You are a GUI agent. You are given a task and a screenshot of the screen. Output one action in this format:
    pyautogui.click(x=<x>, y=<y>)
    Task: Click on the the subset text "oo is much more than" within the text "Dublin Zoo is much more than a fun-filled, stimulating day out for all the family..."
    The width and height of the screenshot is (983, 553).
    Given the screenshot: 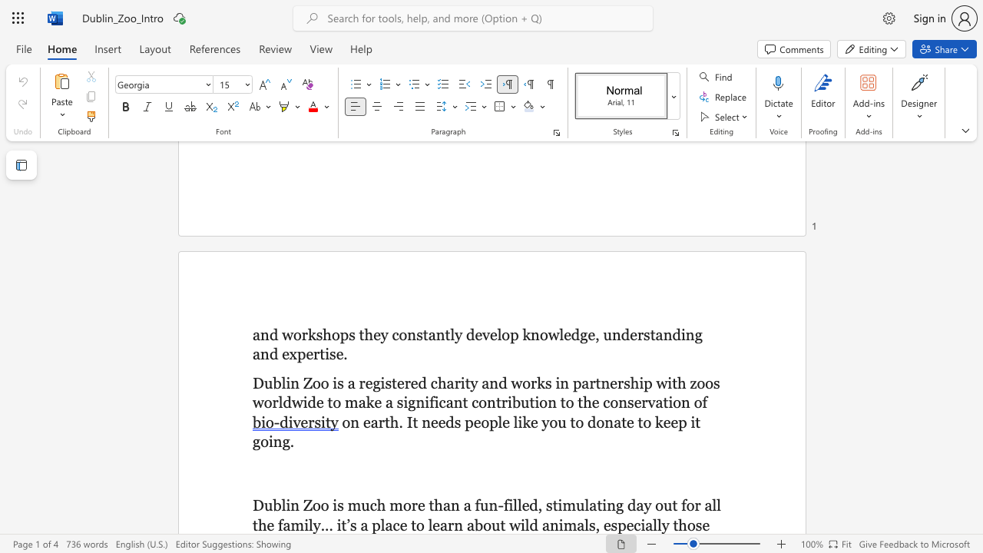 What is the action you would take?
    pyautogui.click(x=311, y=505)
    